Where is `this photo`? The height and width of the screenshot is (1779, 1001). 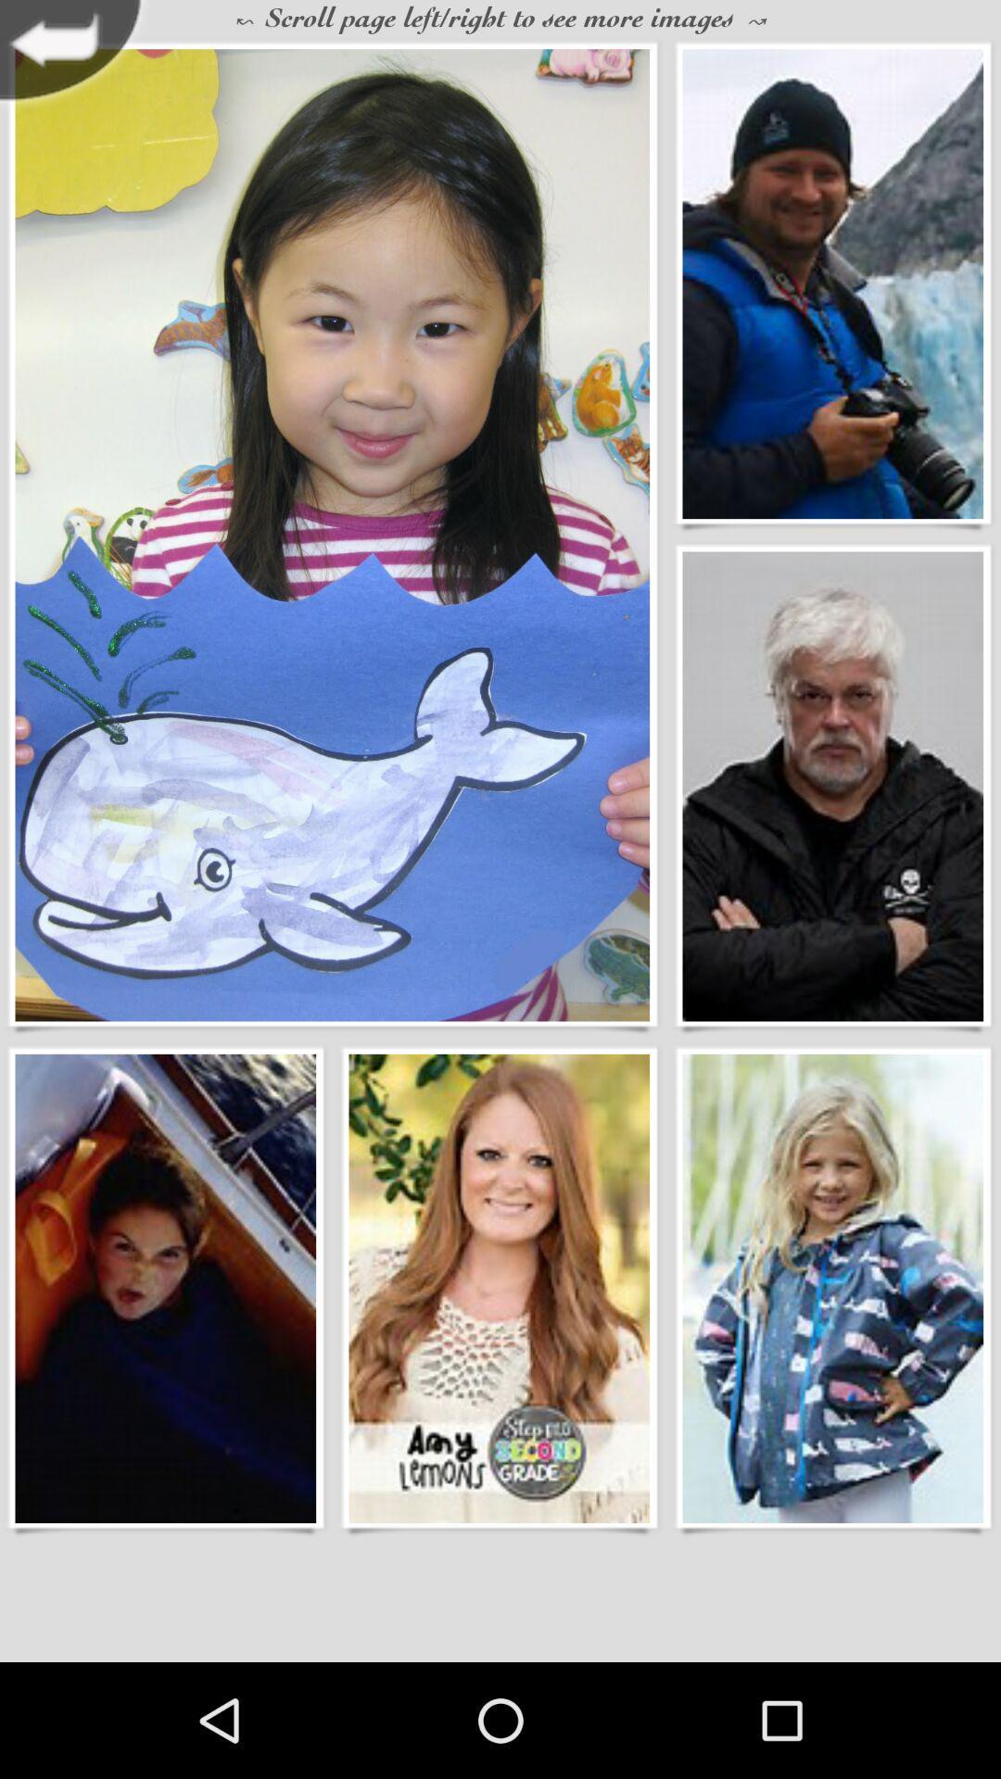 this photo is located at coordinates (331, 534).